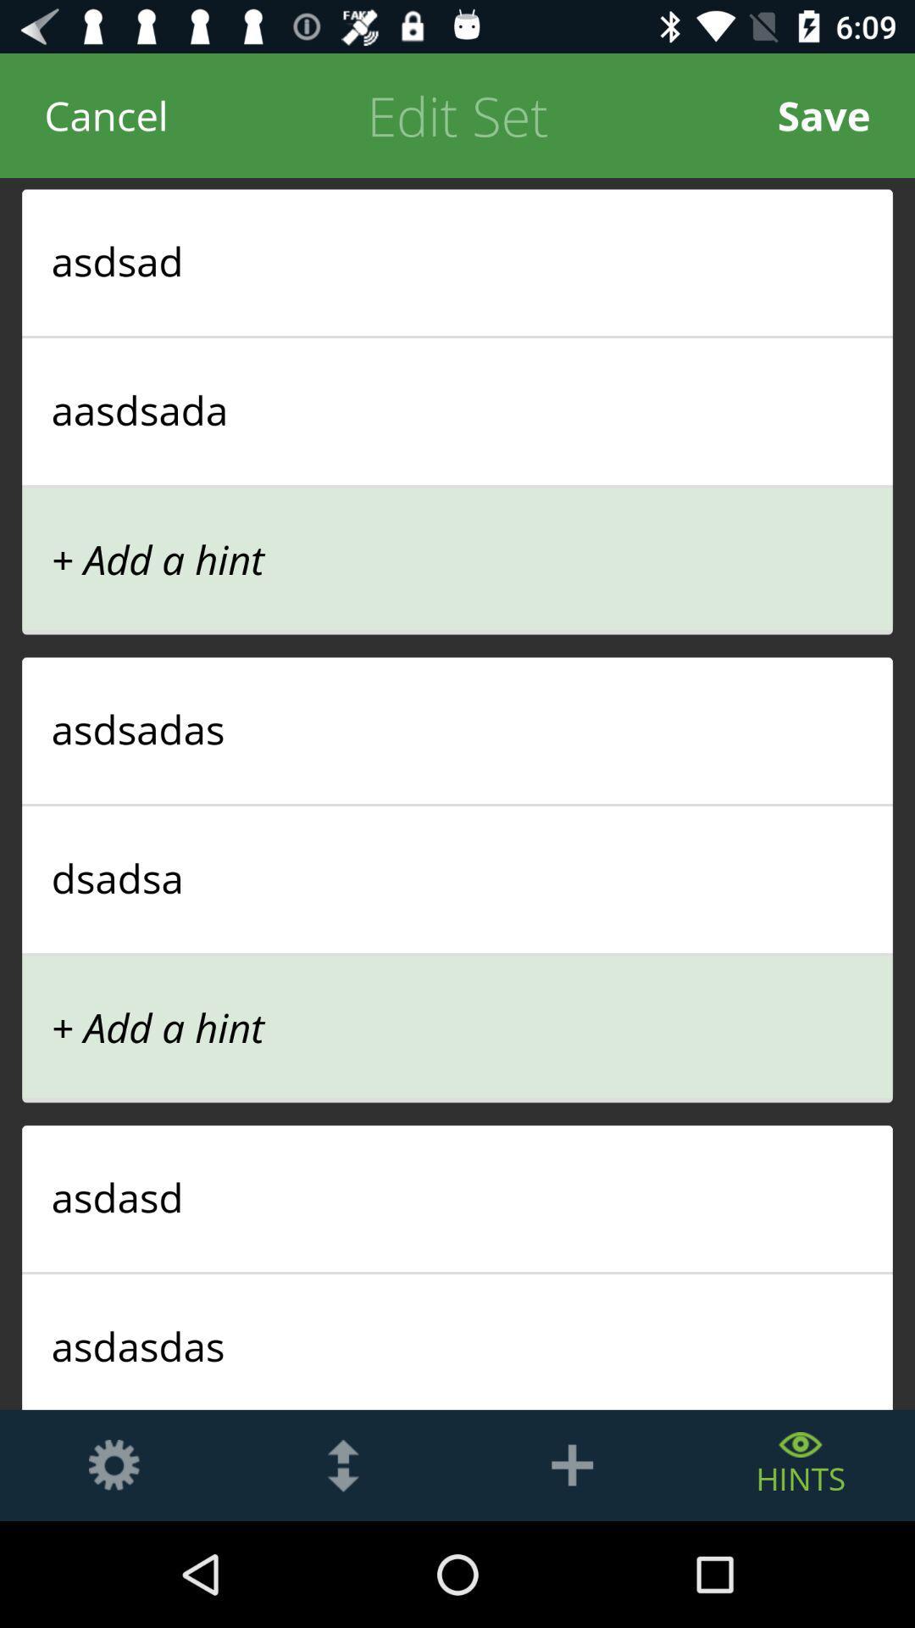 The image size is (915, 1628). Describe the element at coordinates (114, 1464) in the screenshot. I see `open settings` at that location.